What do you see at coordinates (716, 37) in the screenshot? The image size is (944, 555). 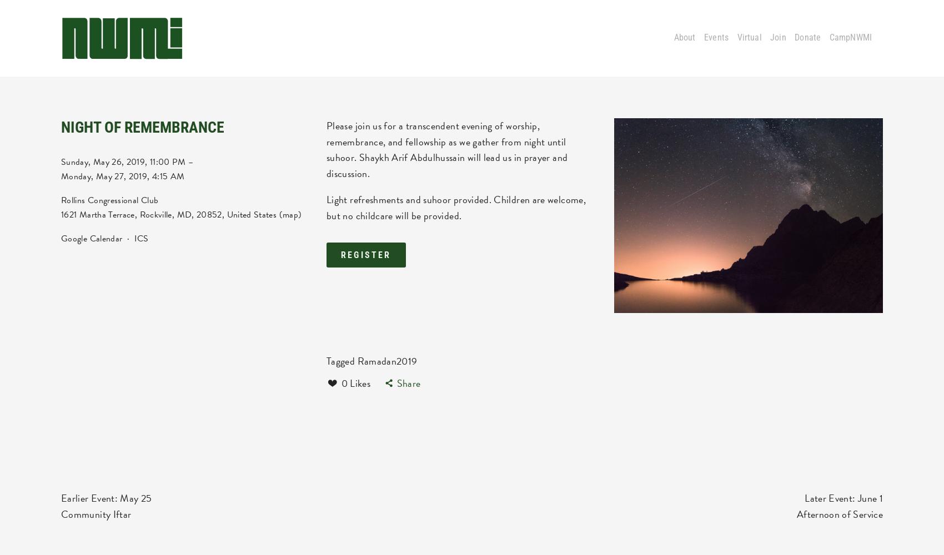 I see `'Events'` at bounding box center [716, 37].